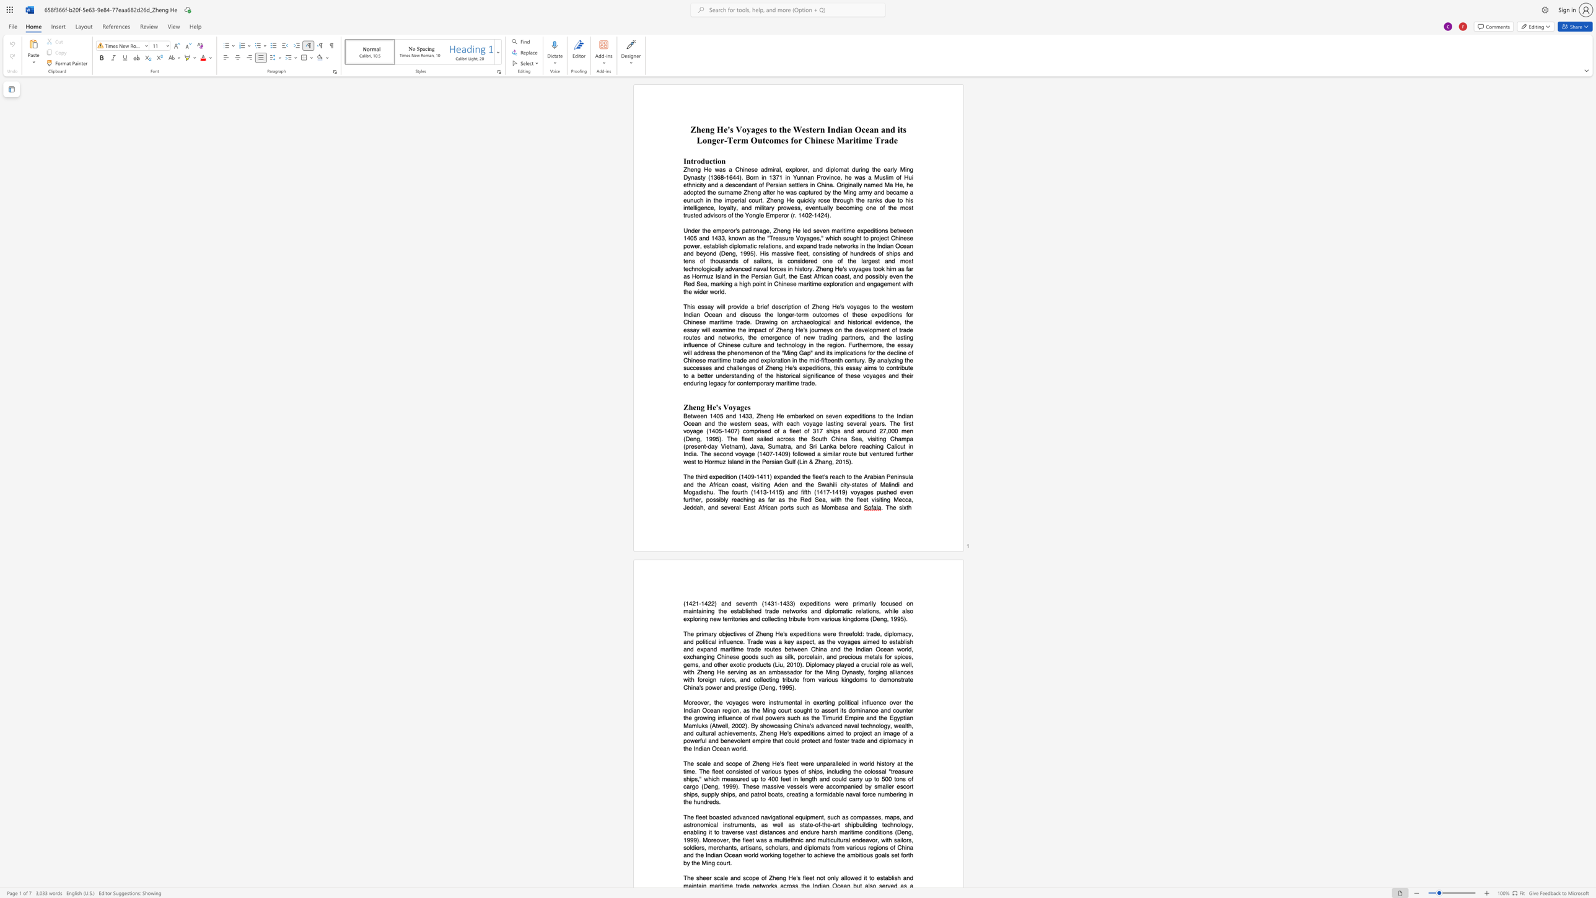  Describe the element at coordinates (804, 611) in the screenshot. I see `the space between the continuous character "k" and "s" in the text` at that location.